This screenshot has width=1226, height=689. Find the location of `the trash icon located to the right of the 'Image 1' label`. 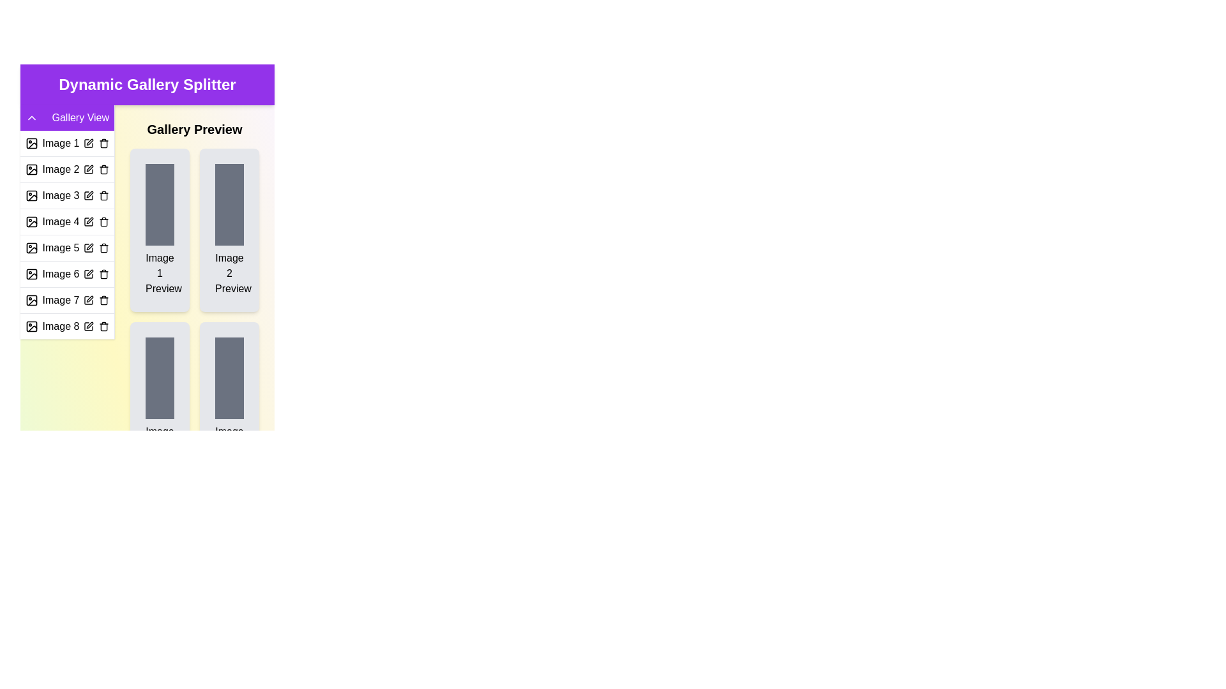

the trash icon located to the right of the 'Image 1' label is located at coordinates (104, 143).